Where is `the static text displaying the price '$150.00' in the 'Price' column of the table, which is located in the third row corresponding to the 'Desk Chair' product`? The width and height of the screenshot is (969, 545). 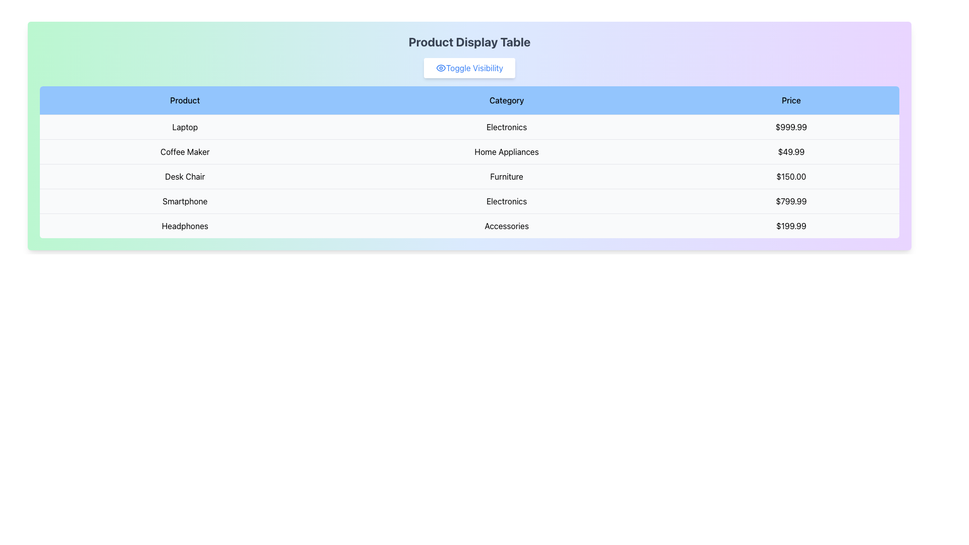
the static text displaying the price '$150.00' in the 'Price' column of the table, which is located in the third row corresponding to the 'Desk Chair' product is located at coordinates (790, 176).